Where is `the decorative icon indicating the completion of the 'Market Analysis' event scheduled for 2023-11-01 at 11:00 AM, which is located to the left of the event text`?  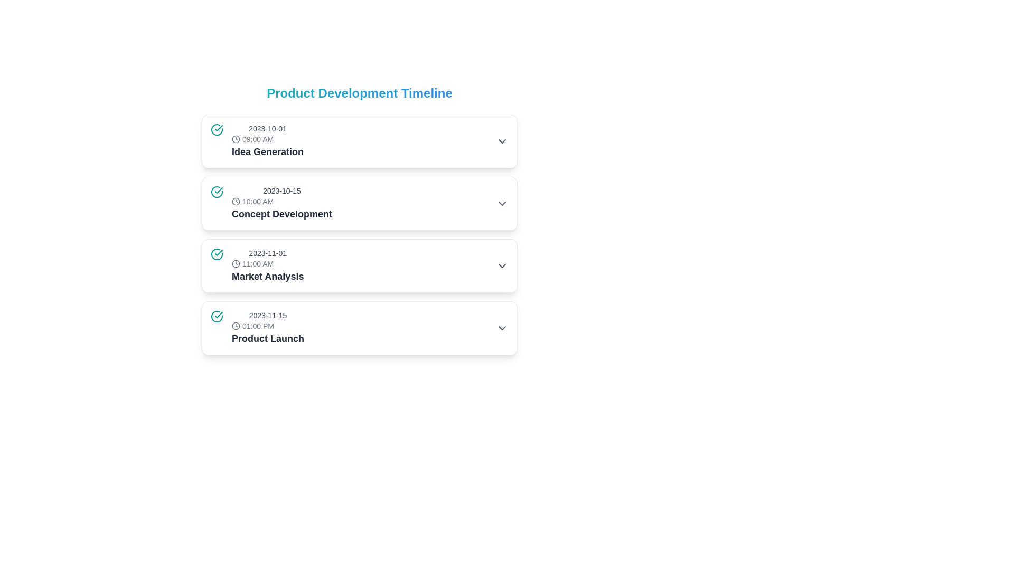
the decorative icon indicating the completion of the 'Market Analysis' event scheduled for 2023-11-01 at 11:00 AM, which is located to the left of the event text is located at coordinates (217, 254).